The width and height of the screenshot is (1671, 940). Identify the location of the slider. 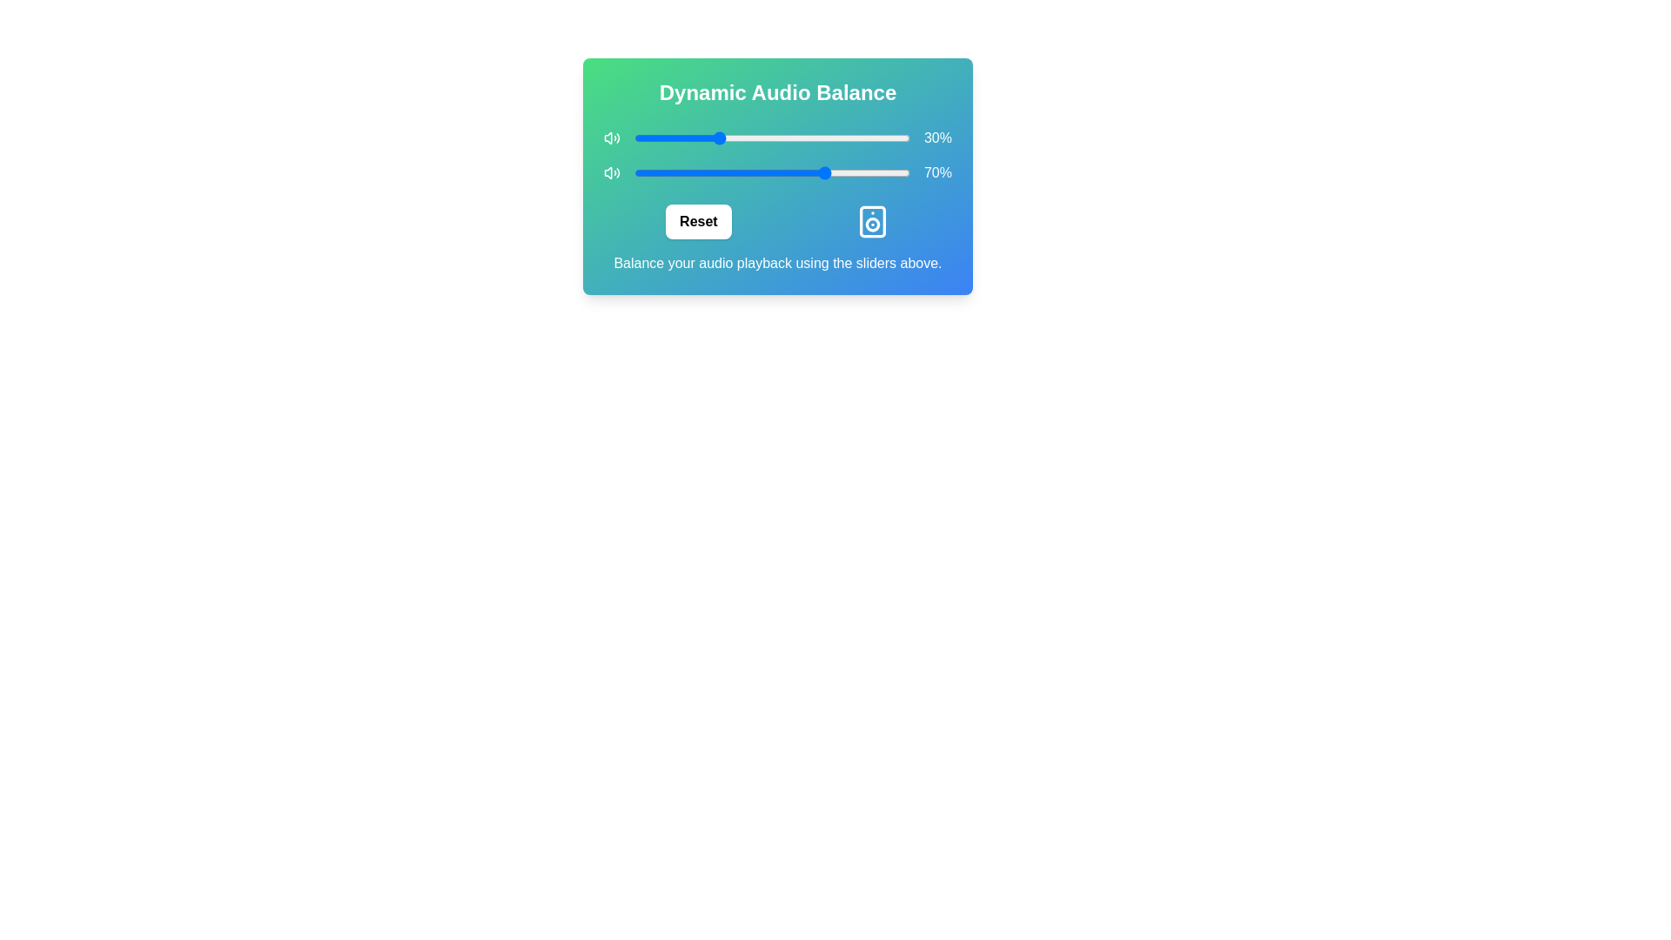
(803, 137).